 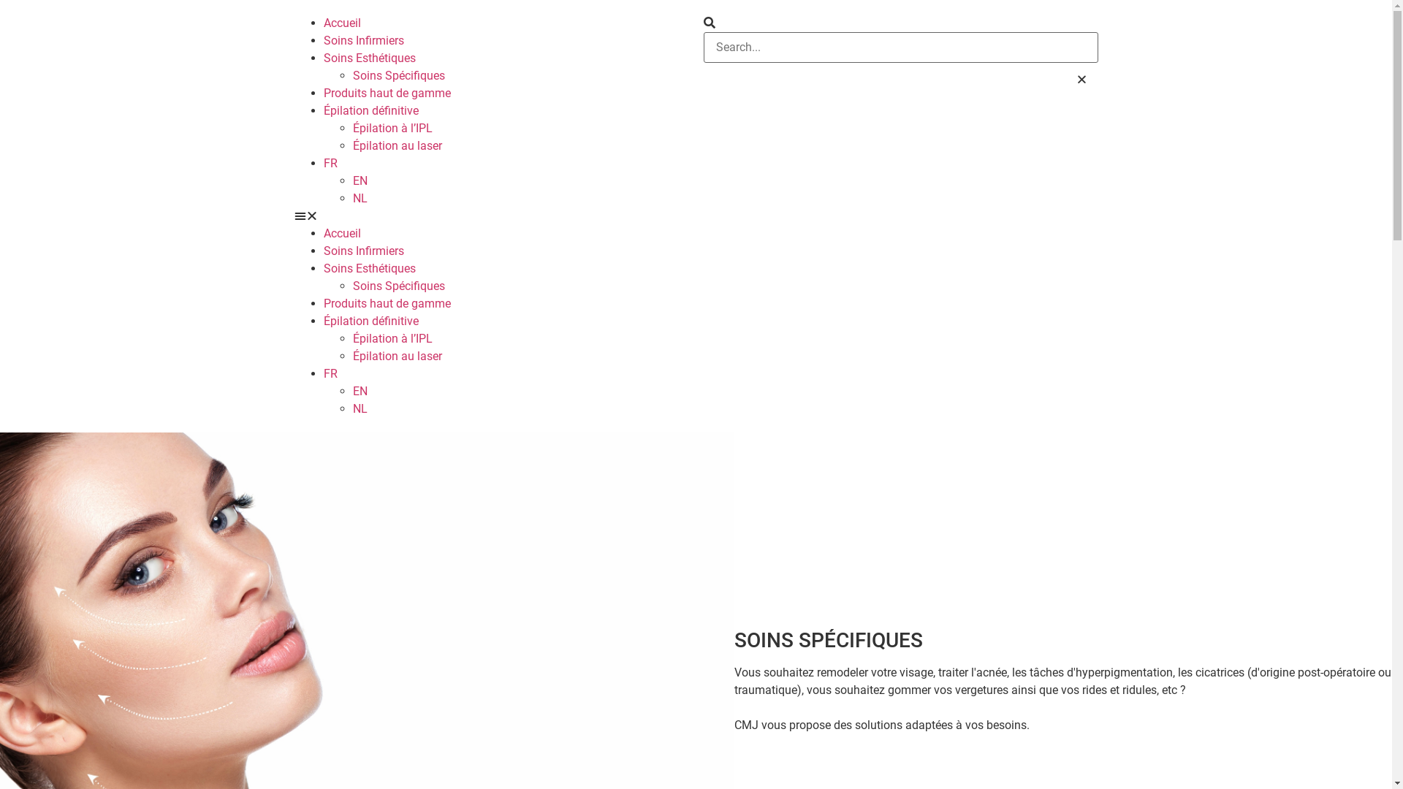 What do you see at coordinates (341, 232) in the screenshot?
I see `'Accueil'` at bounding box center [341, 232].